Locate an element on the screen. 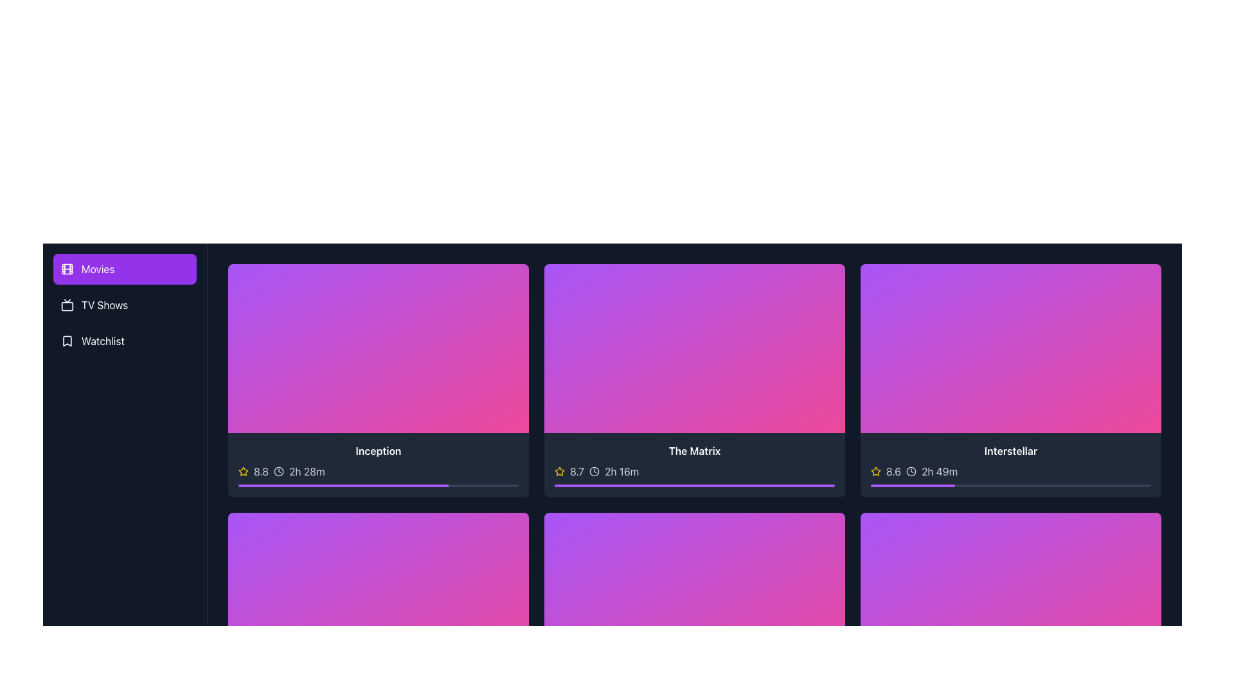  the progress bar element located beneath the movie title 'Inception', which is styled with a gray background and contains a purple bar filling 75% of its width is located at coordinates (378, 486).